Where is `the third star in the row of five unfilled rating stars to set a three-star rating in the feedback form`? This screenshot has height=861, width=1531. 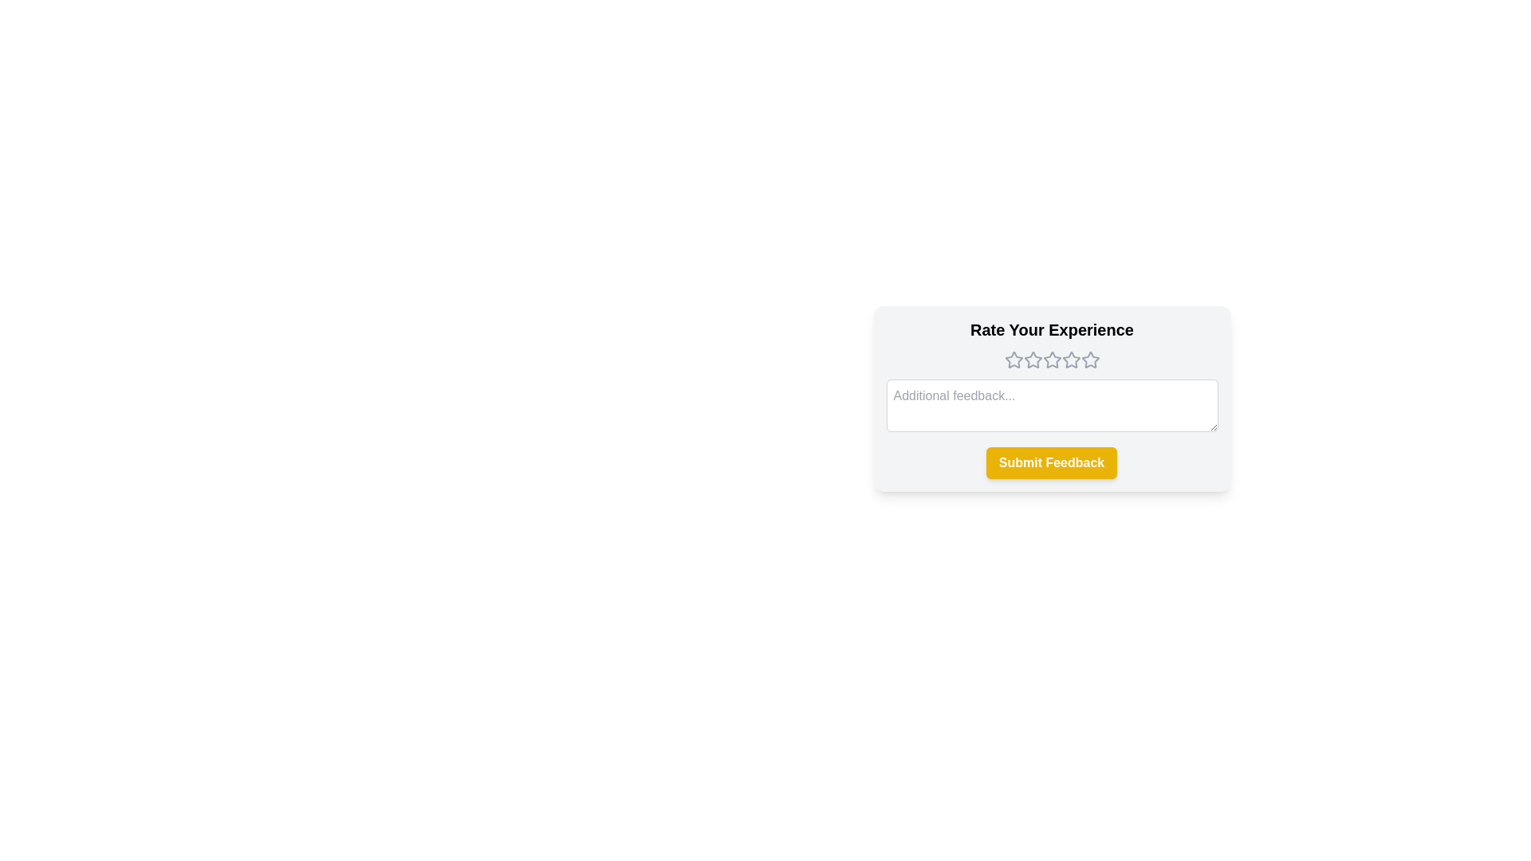
the third star in the row of five unfilled rating stars to set a three-star rating in the feedback form is located at coordinates (1052, 360).